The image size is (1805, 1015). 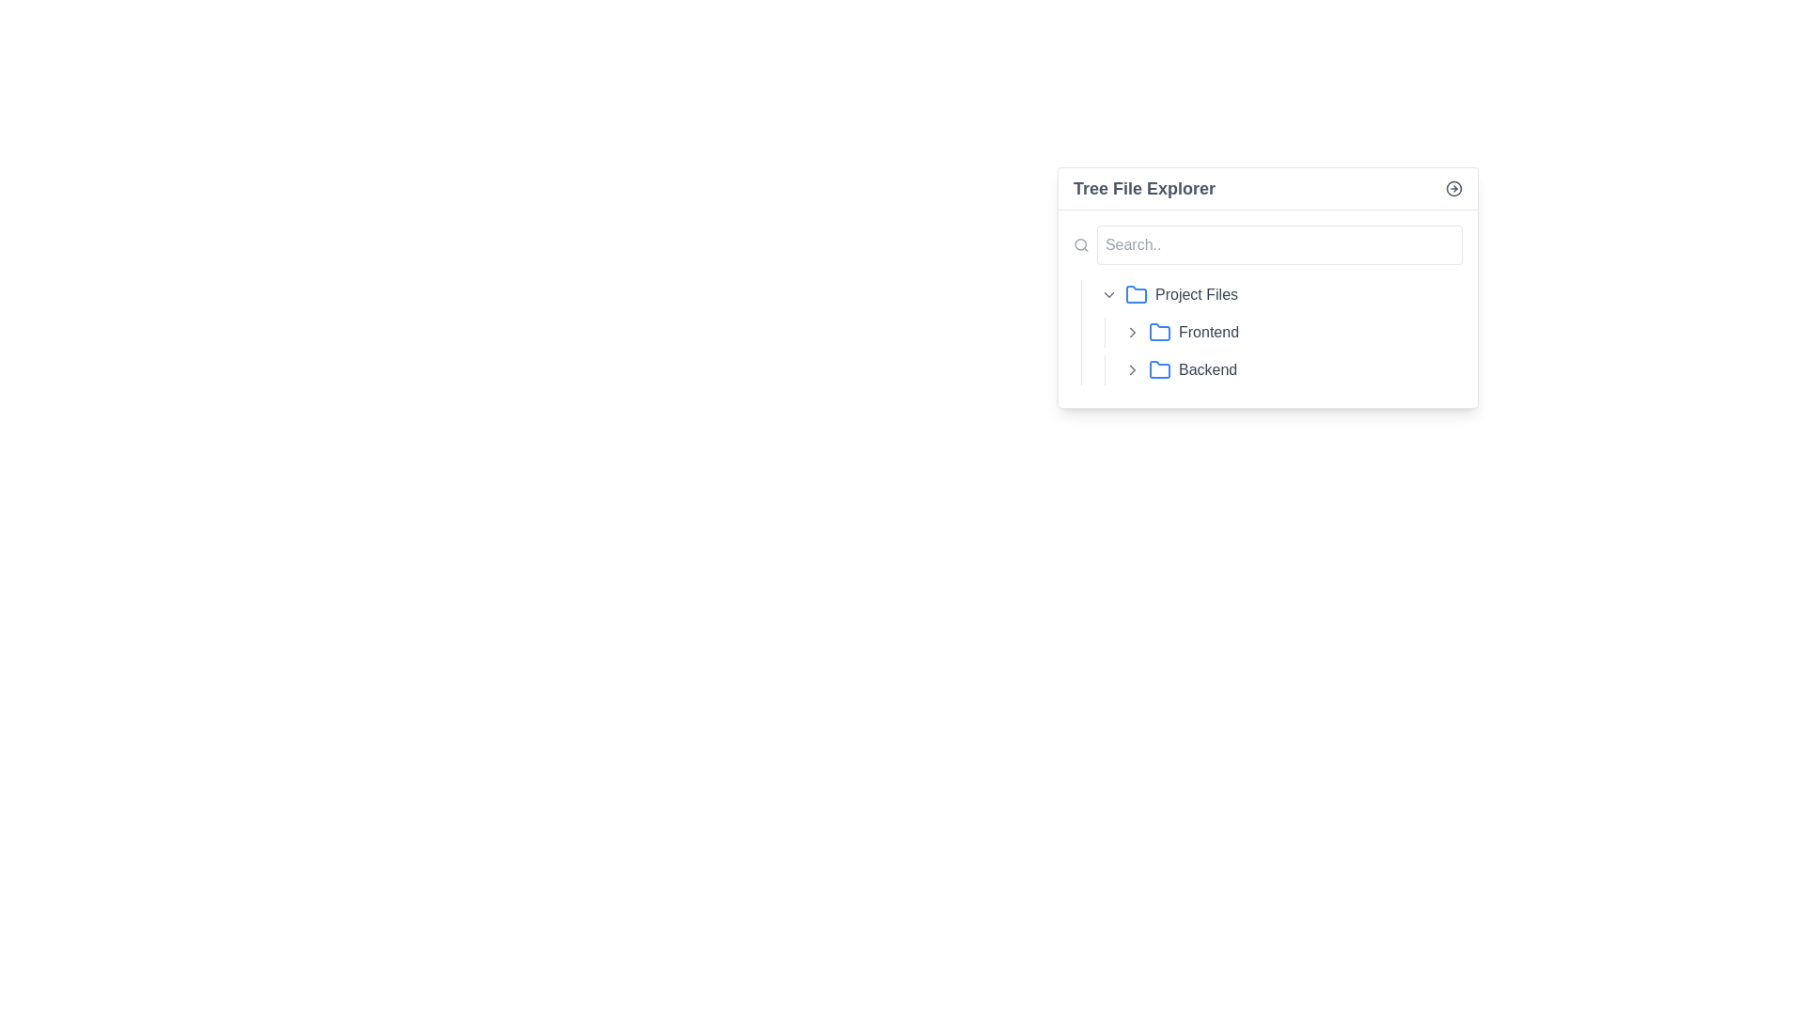 I want to click on the first item in the 'Project Files' section of the sidebar menu, so click(x=1279, y=294).